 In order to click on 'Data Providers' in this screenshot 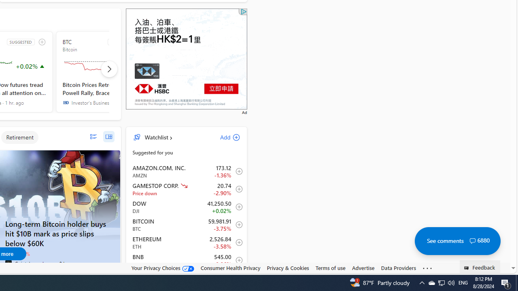, I will do `click(398, 268)`.